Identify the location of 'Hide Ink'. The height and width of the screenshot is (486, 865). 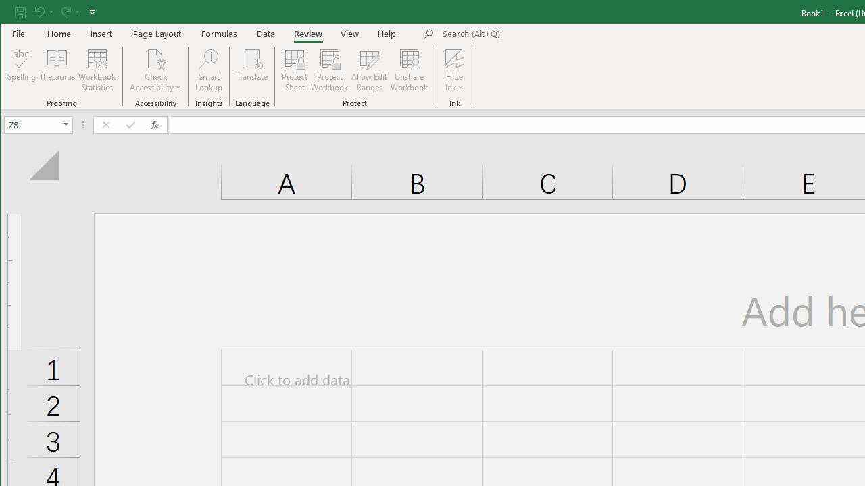
(454, 57).